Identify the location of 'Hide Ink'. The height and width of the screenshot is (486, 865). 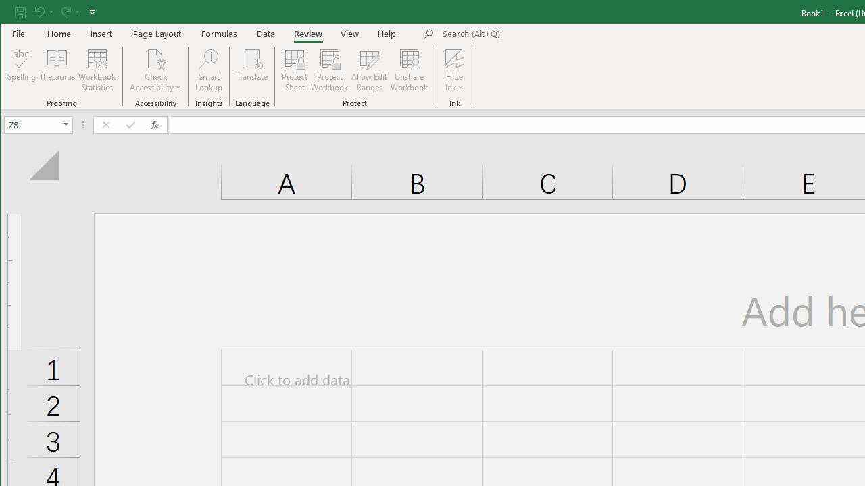
(454, 57).